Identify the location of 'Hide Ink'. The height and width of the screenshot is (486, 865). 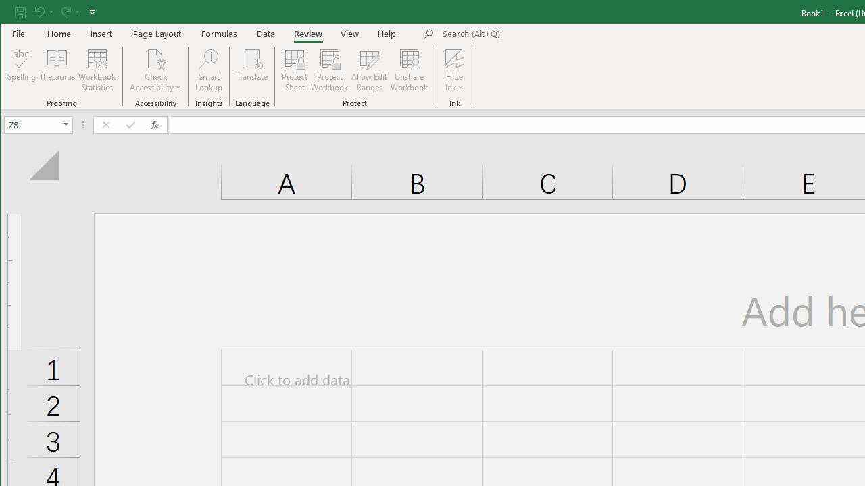
(454, 57).